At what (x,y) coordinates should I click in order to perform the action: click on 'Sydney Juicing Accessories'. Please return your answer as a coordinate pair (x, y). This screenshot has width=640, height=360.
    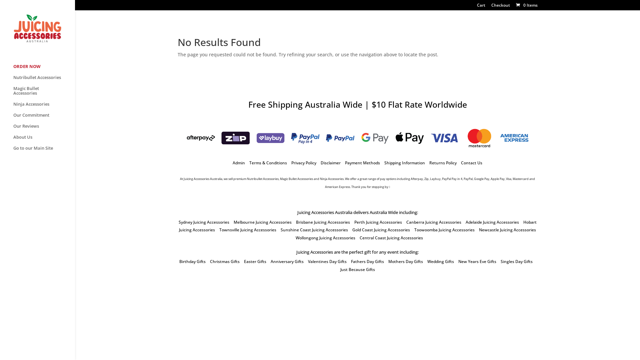
    Looking at the image, I should click on (179, 222).